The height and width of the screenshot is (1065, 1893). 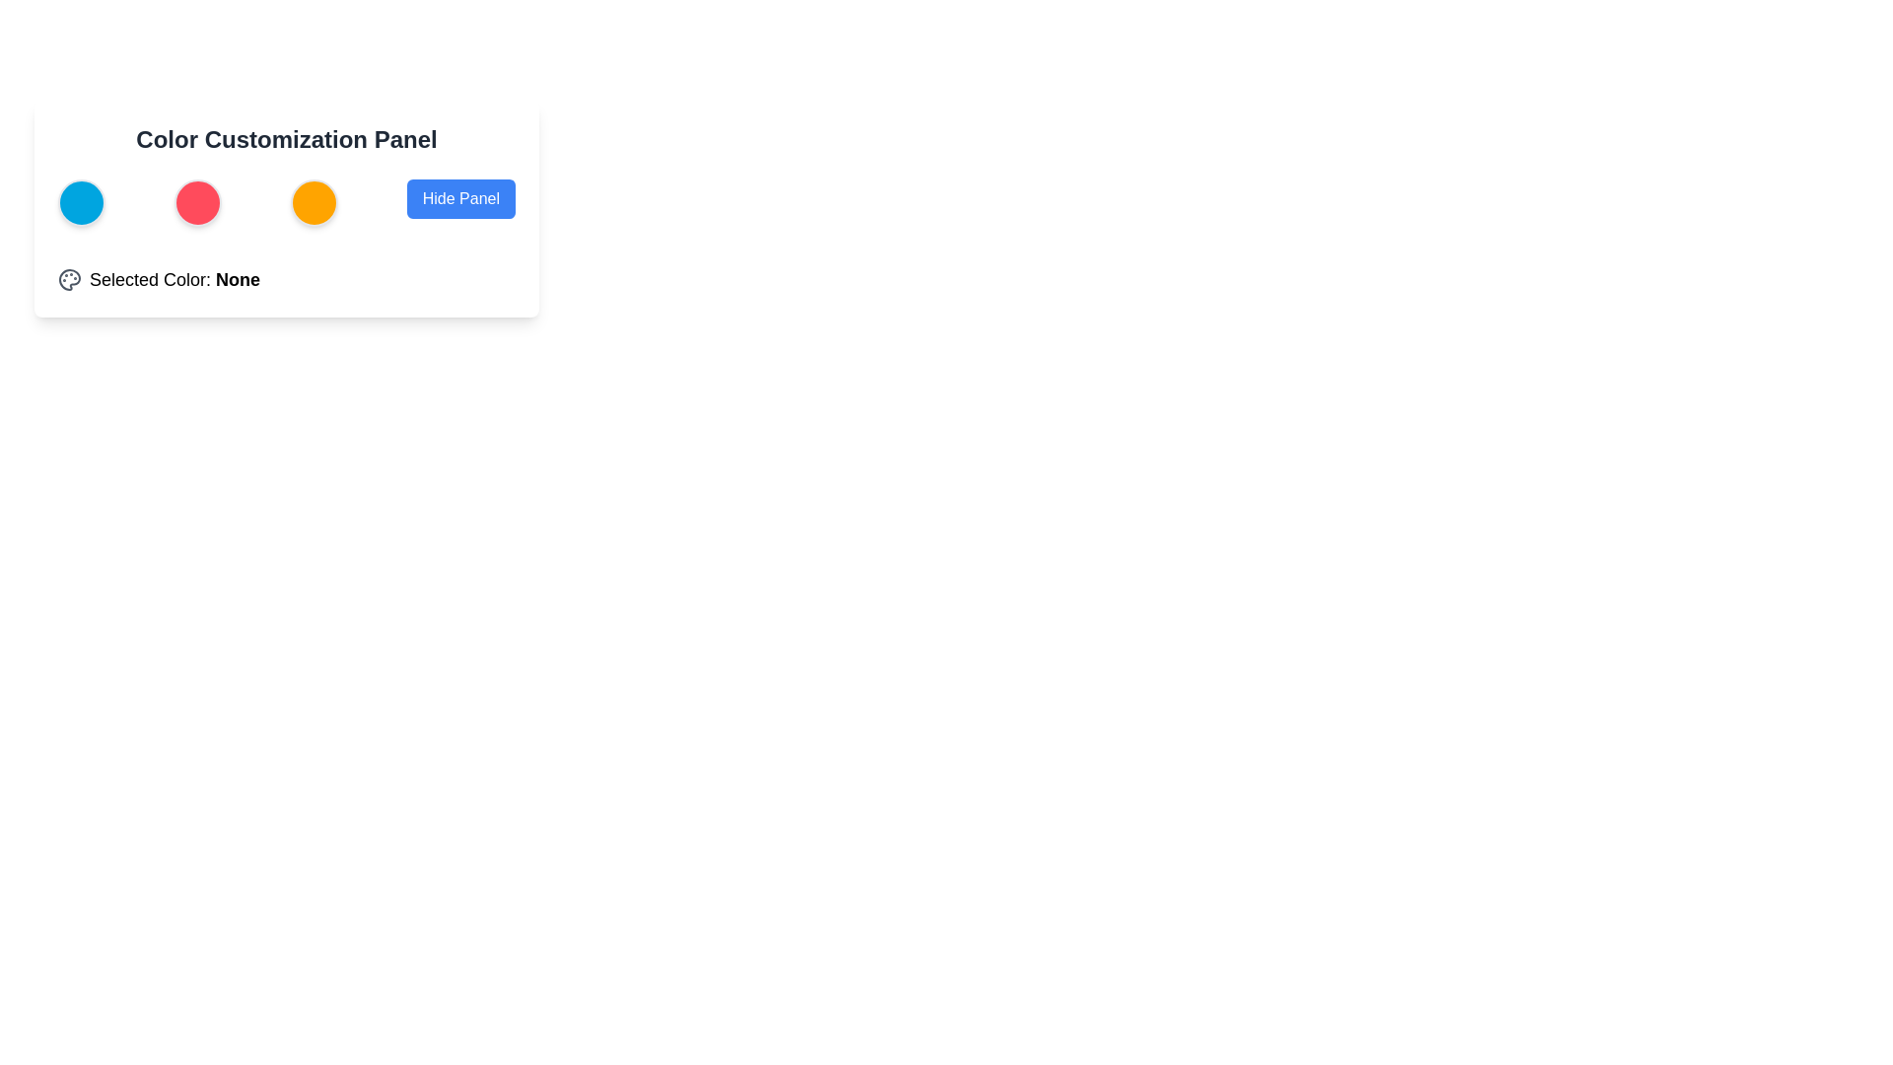 I want to click on the dynamic value display that shows the currently selected color, located immediately after the text 'Selected Color:' in the bottom-left part of the panel interface, so click(x=237, y=280).